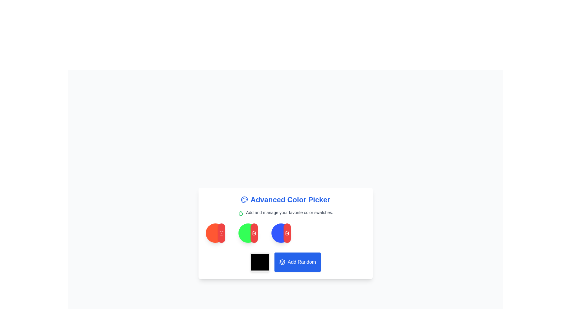 Image resolution: width=581 pixels, height=327 pixels. Describe the element at coordinates (285, 233) in the screenshot. I see `the grid layout containing selectable color swatches` at that location.